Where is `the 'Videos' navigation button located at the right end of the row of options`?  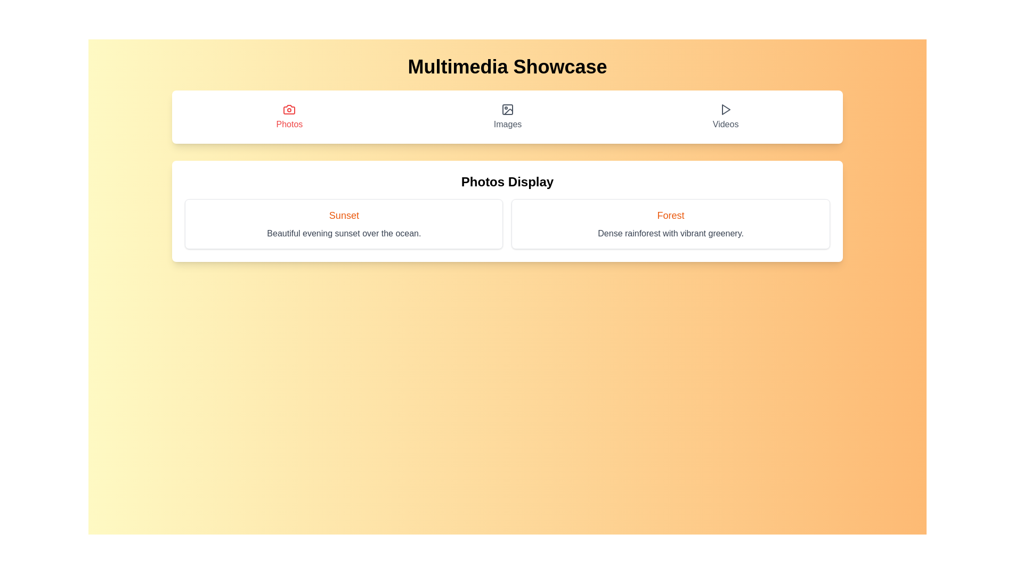 the 'Videos' navigation button located at the right end of the row of options is located at coordinates (725, 117).